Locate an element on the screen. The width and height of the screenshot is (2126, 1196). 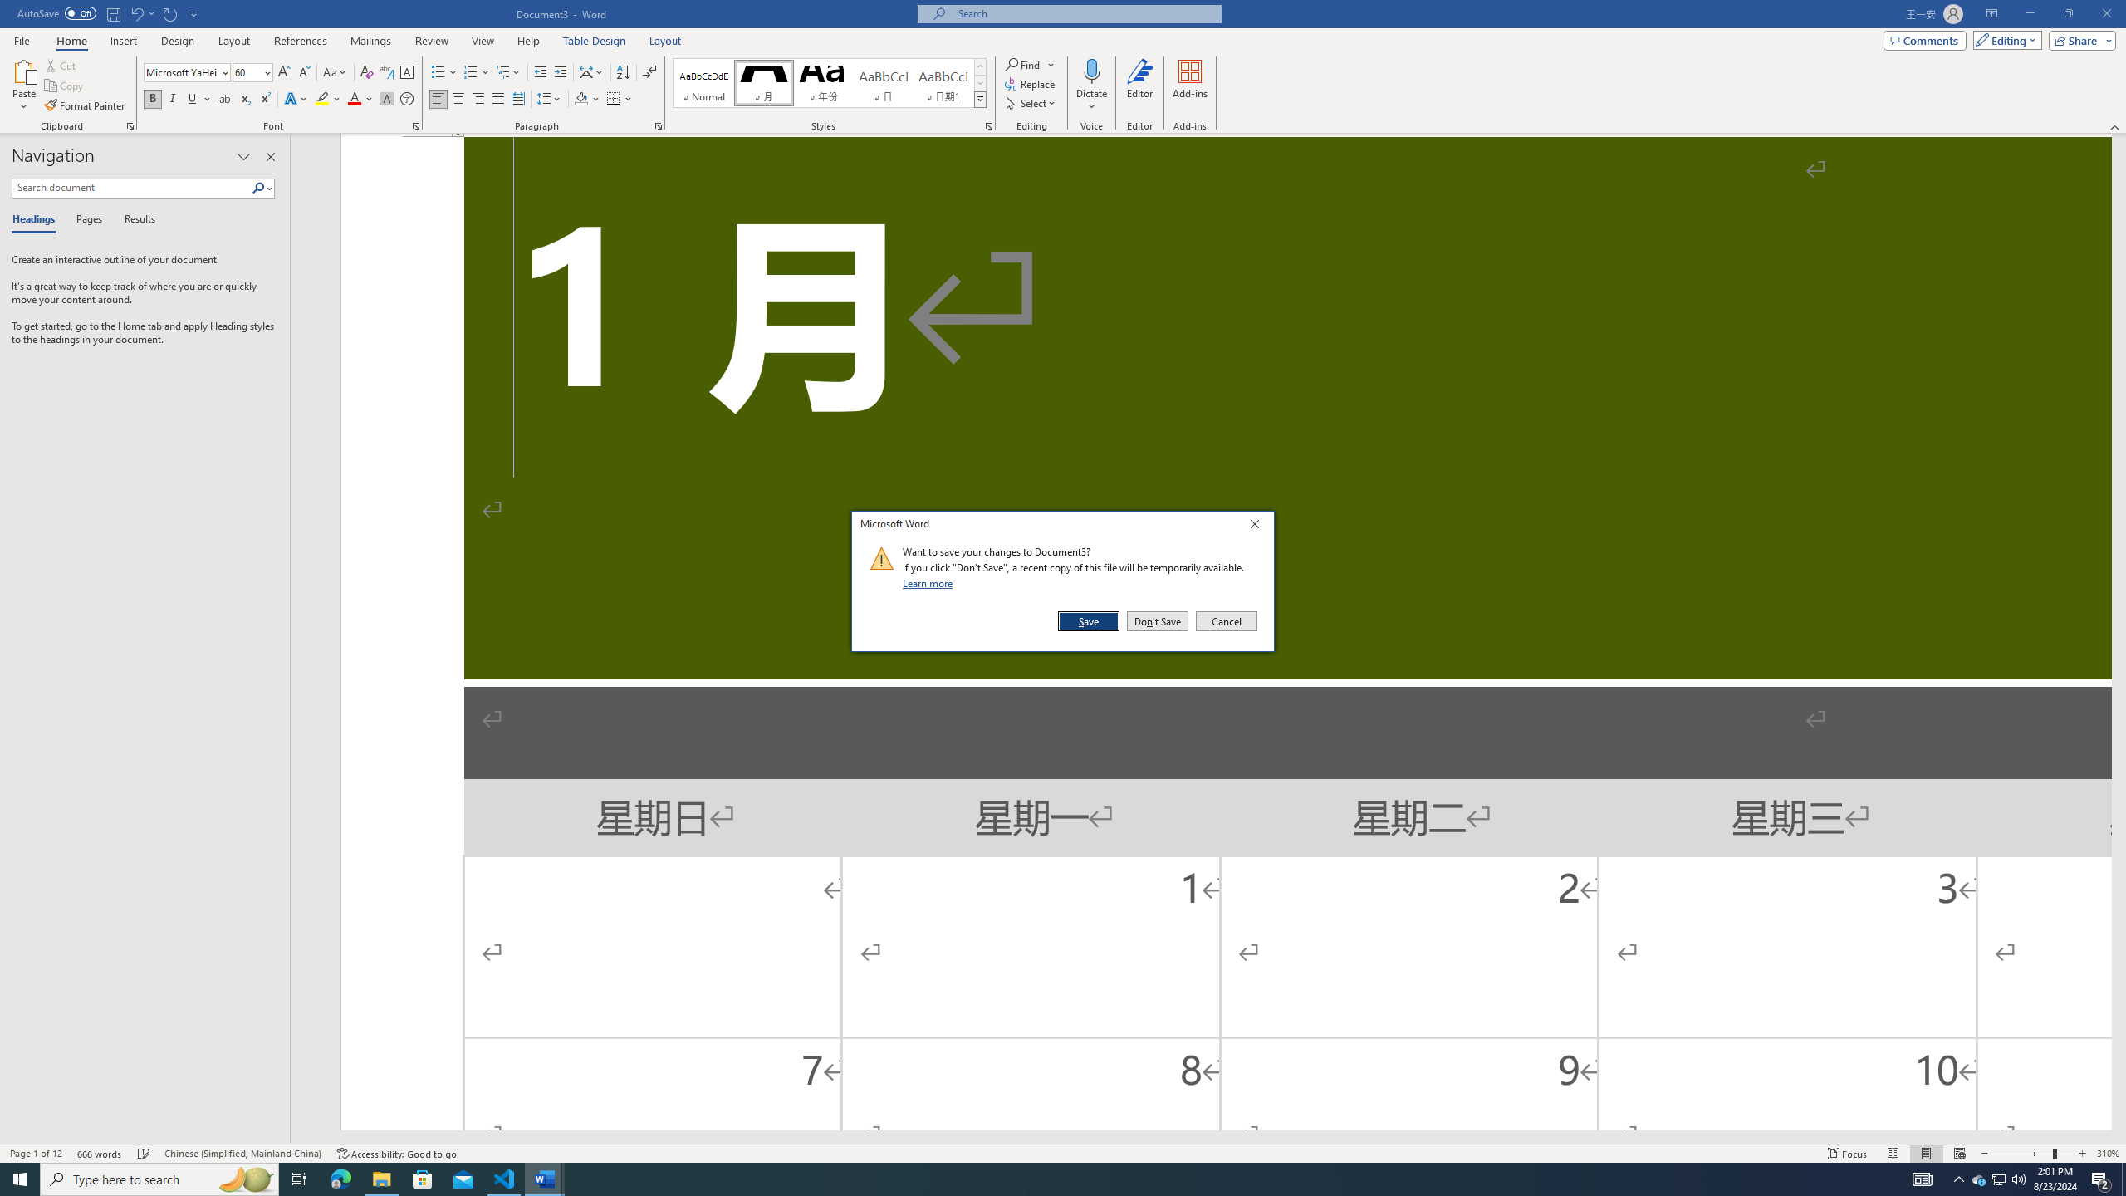
'Text Highlight Color' is located at coordinates (328, 98).